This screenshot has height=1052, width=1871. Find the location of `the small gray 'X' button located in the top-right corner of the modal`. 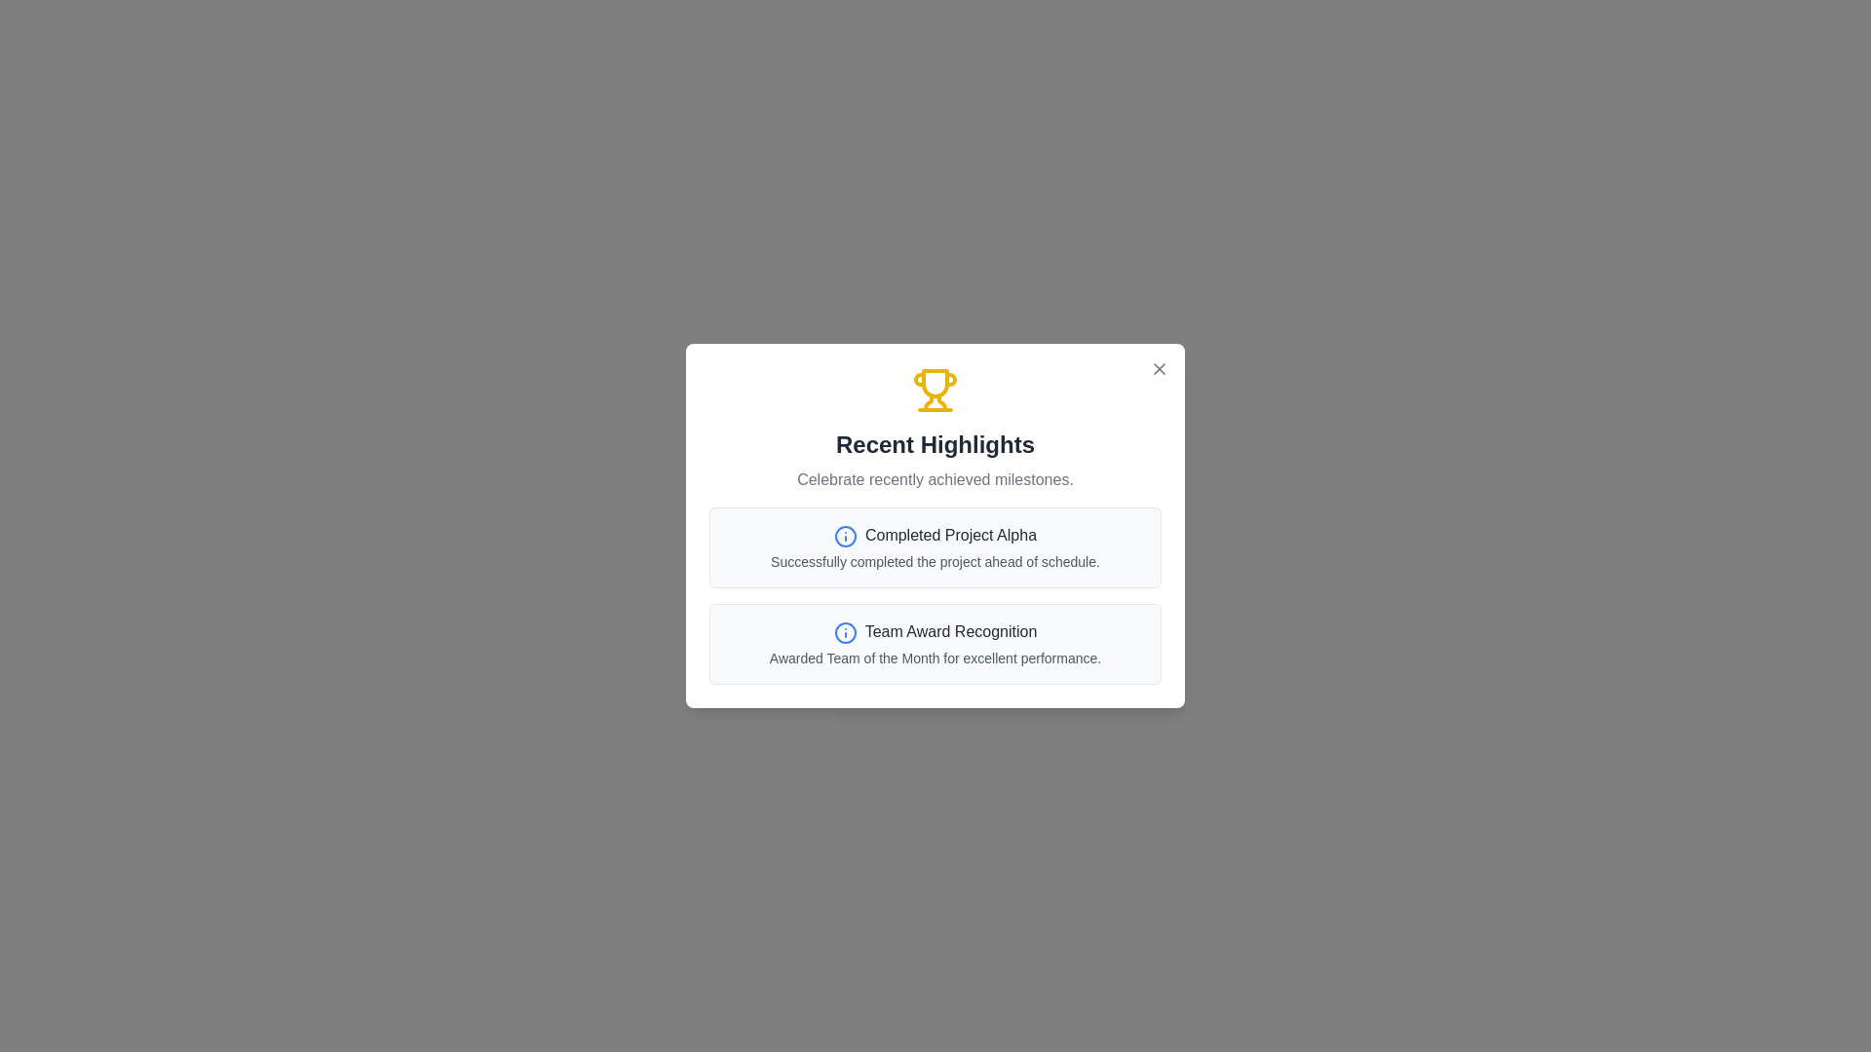

the small gray 'X' button located in the top-right corner of the modal is located at coordinates (1160, 368).